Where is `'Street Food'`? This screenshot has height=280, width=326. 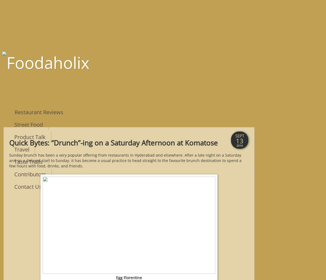
'Street Food' is located at coordinates (14, 124).